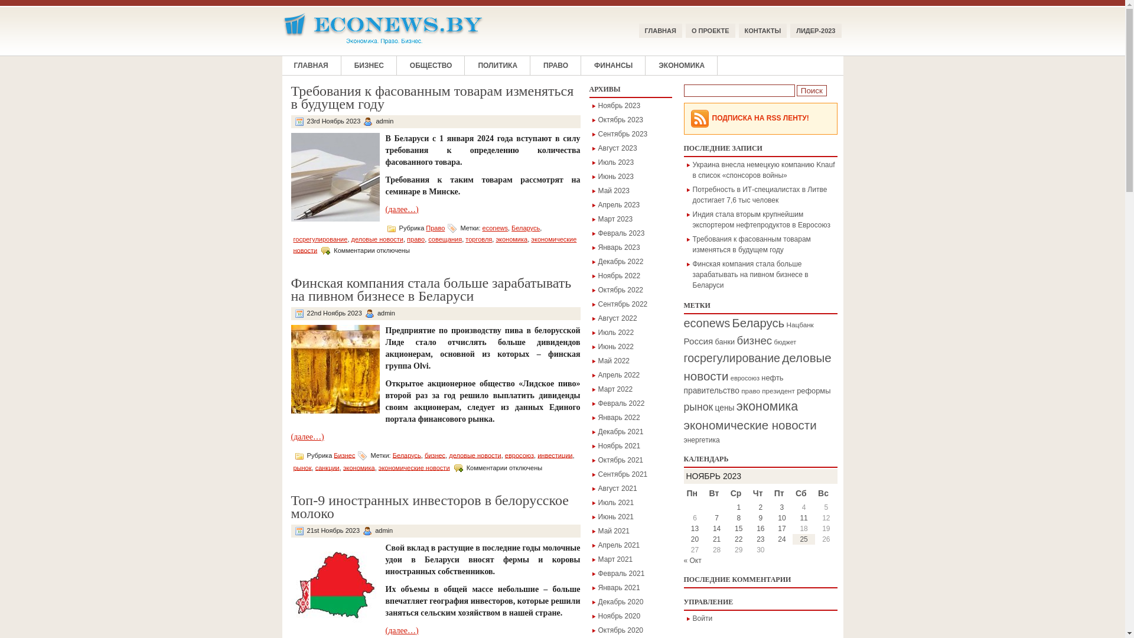  Describe the element at coordinates (760, 507) in the screenshot. I see `'2'` at that location.